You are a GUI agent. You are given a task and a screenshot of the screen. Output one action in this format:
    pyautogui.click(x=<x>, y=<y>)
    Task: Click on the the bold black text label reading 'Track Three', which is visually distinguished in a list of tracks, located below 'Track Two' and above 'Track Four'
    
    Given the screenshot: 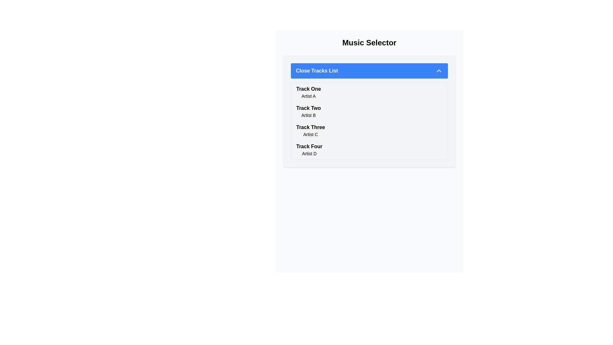 What is the action you would take?
    pyautogui.click(x=310, y=127)
    